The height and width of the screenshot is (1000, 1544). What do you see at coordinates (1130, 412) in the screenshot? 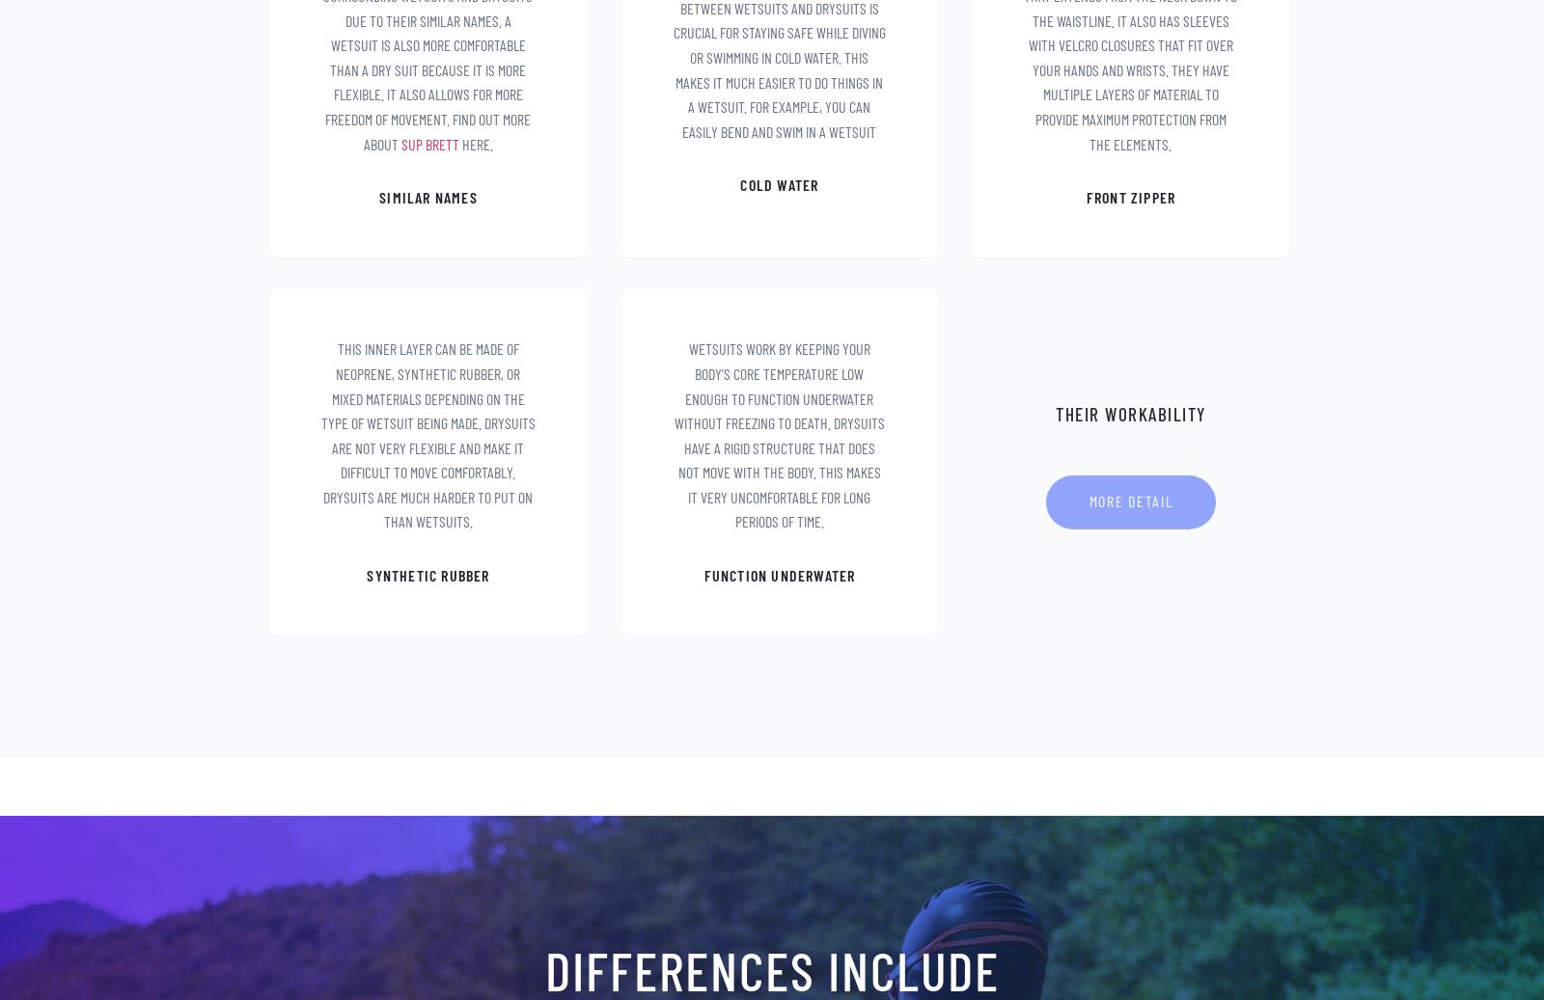
I see `'Their workability'` at bounding box center [1130, 412].